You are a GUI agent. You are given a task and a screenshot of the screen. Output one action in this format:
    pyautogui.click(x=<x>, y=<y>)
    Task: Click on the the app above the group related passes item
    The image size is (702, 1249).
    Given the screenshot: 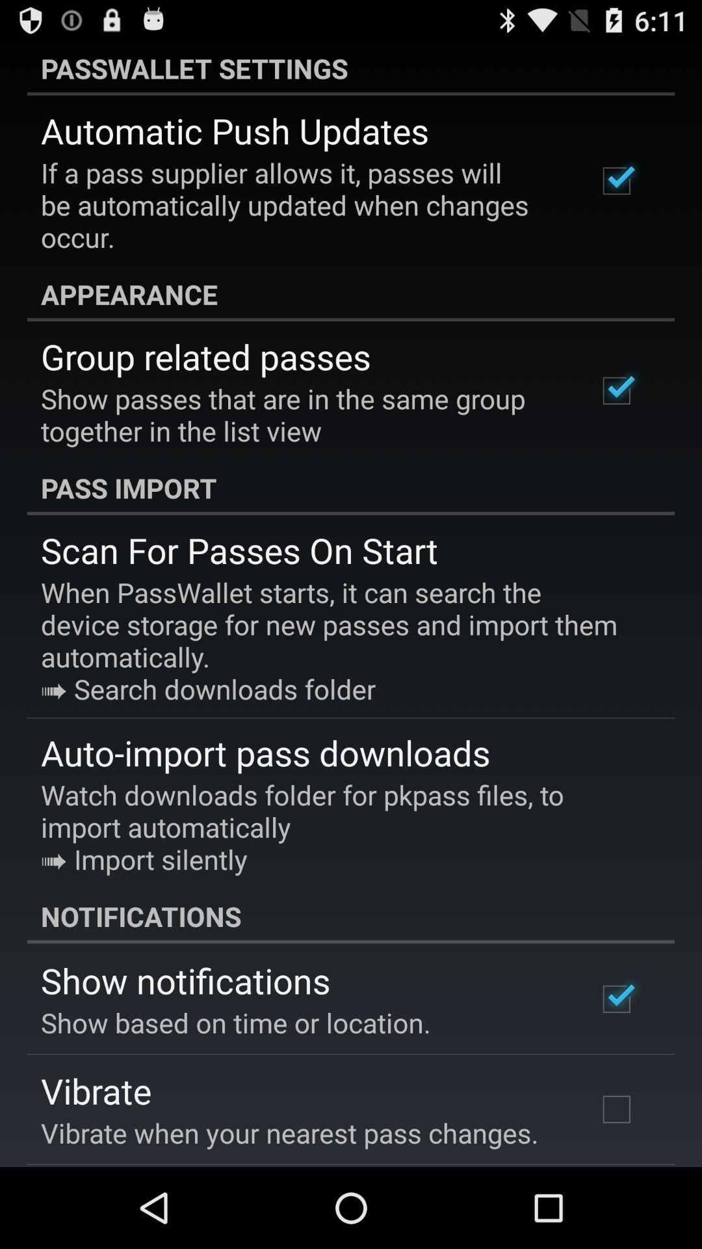 What is the action you would take?
    pyautogui.click(x=351, y=293)
    